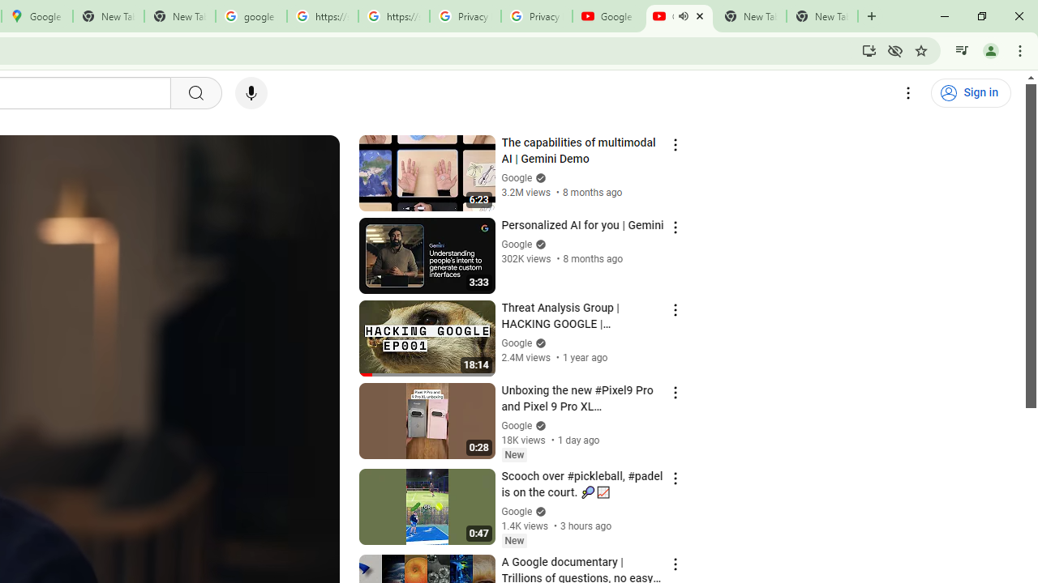 The image size is (1038, 583). Describe the element at coordinates (822, 16) in the screenshot. I see `'New Tab'` at that location.